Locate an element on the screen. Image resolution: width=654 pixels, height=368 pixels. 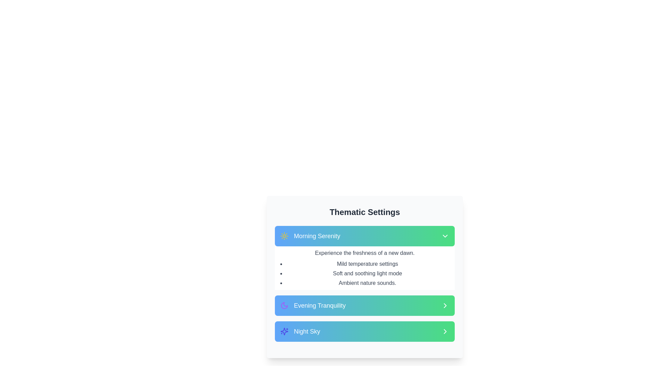
the sparkles icon styled in purple, located to the left of the 'Night Sky' text, to note its decorative purpose is located at coordinates (284, 331).